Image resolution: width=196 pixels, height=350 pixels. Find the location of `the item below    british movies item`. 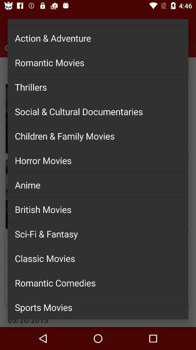

the item below    british movies item is located at coordinates (98, 233).